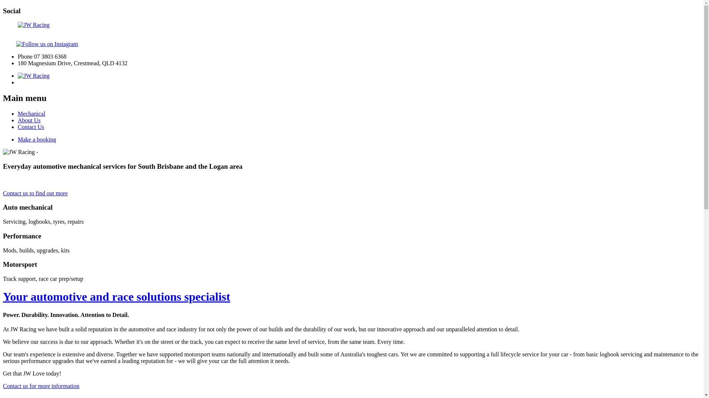 This screenshot has height=398, width=709. I want to click on 'About Us', so click(29, 120).